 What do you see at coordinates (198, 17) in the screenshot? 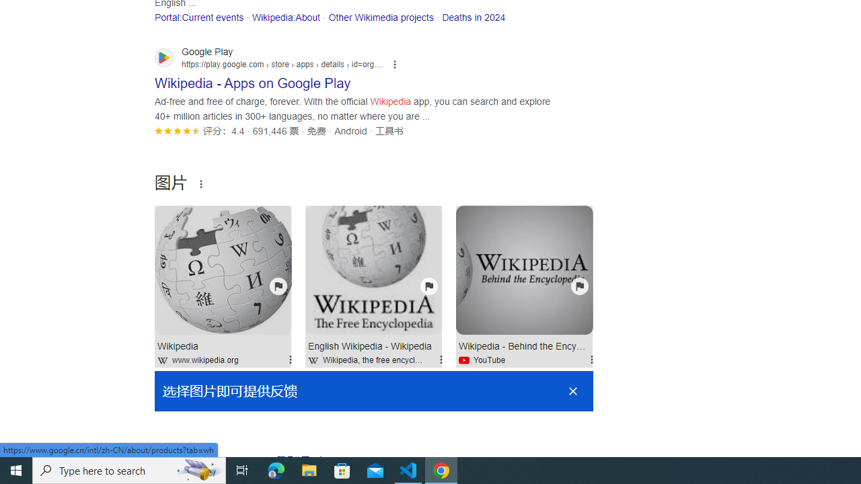
I see `'Portal:Current events'` at bounding box center [198, 17].